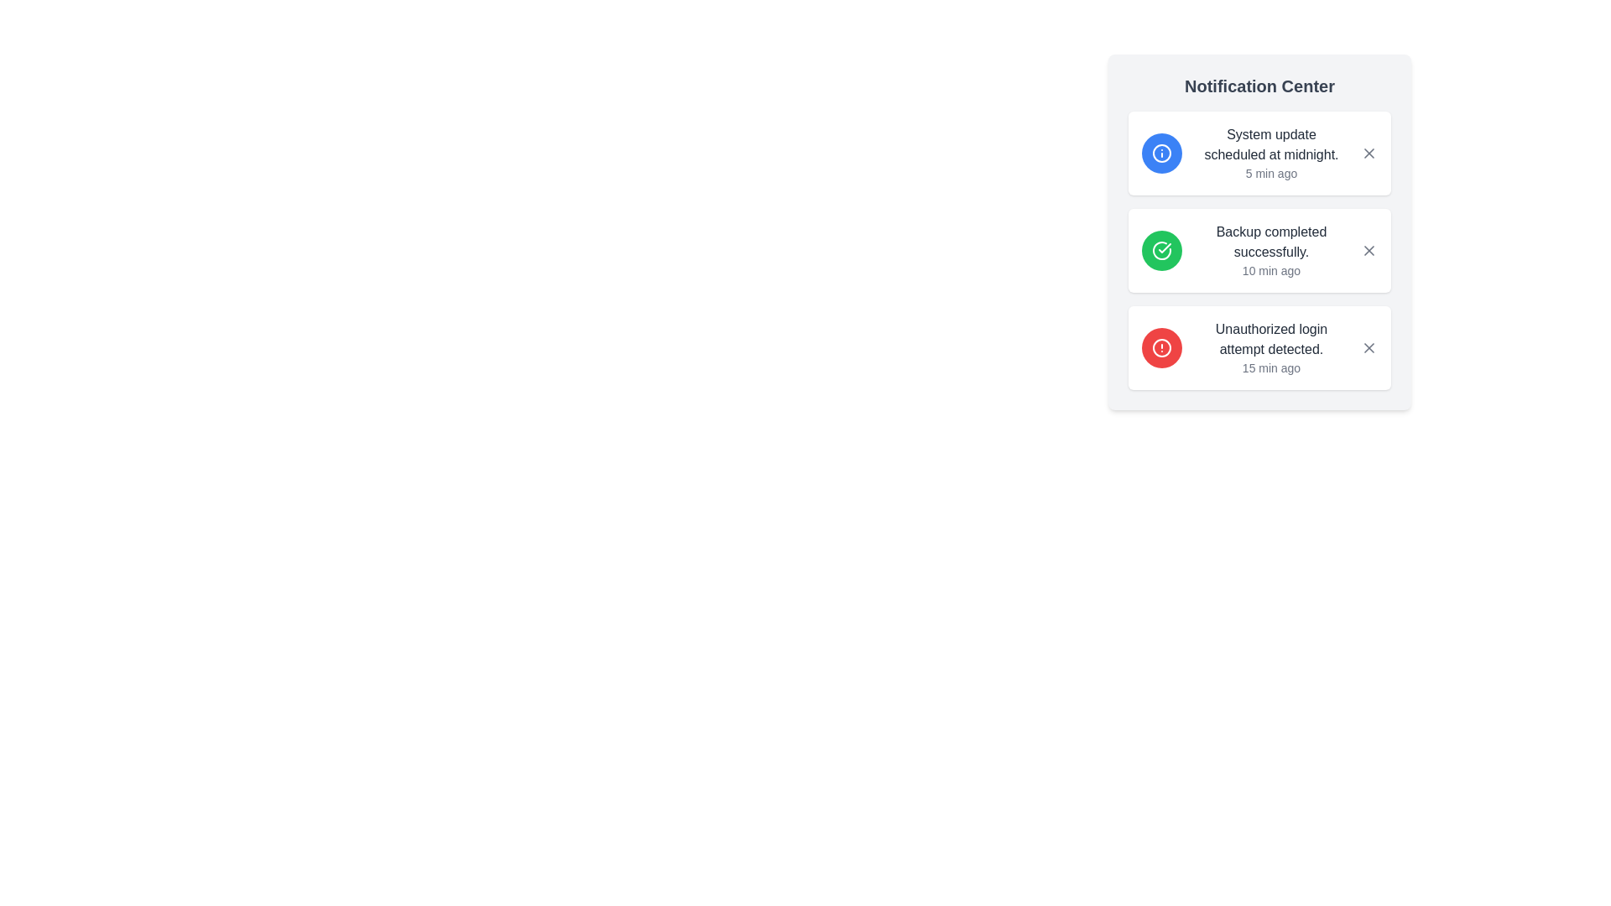 This screenshot has height=906, width=1611. Describe the element at coordinates (1161, 251) in the screenshot. I see `the visual styling of the circular icon featuring a checkmark inside, which is located in the second notification item of the Notification Center panel` at that location.